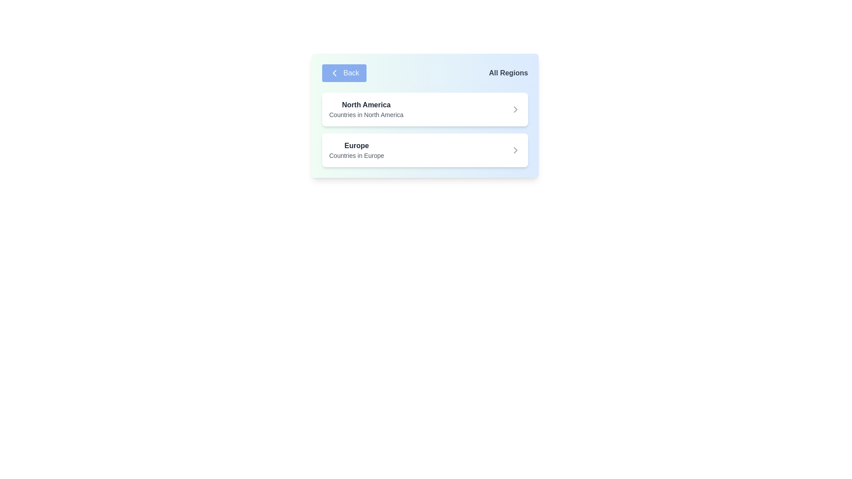  I want to click on the Text label that reads 'Europe' which is part of a card-style component with a white background, located in the second card of a vertically arranged list, so click(356, 150).